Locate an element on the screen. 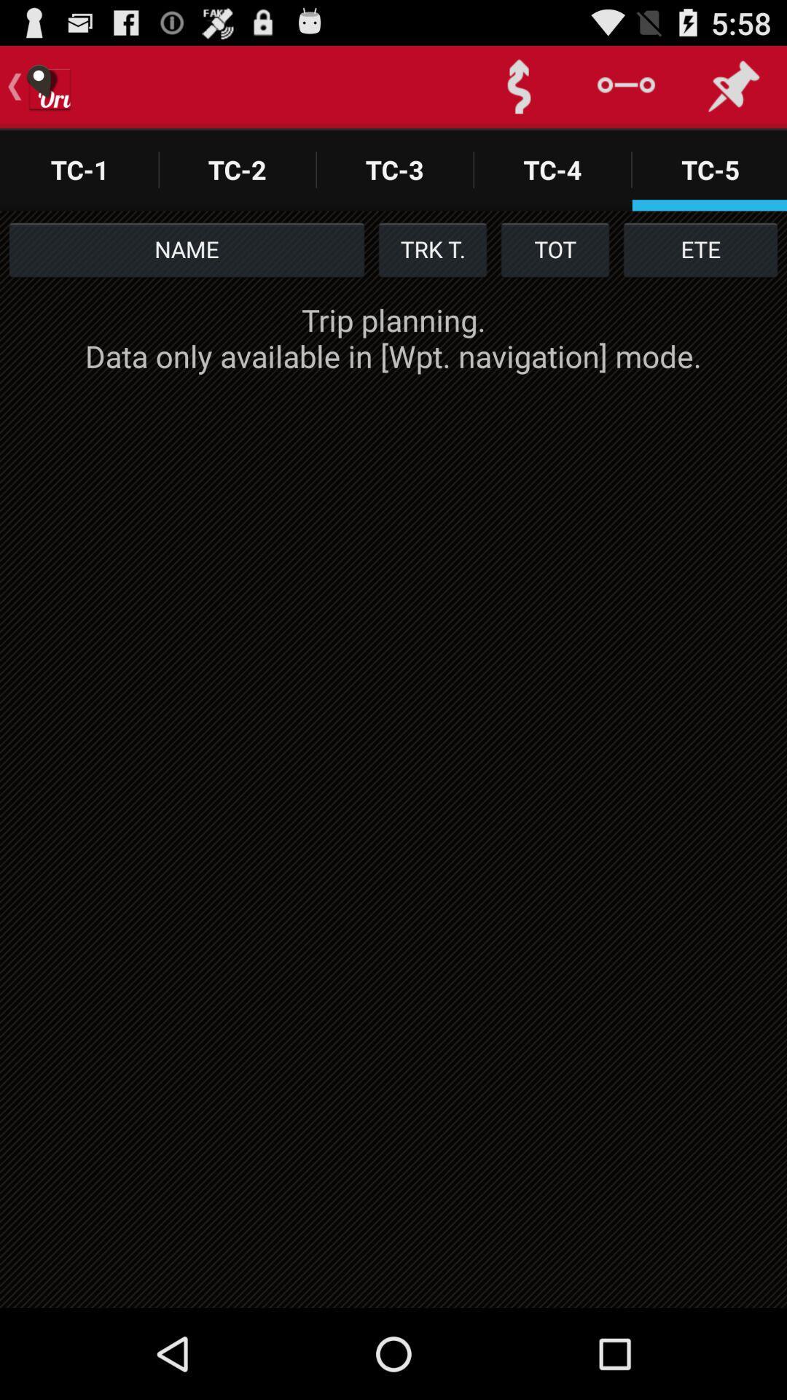 This screenshot has height=1400, width=787. trk t. item is located at coordinates (432, 249).